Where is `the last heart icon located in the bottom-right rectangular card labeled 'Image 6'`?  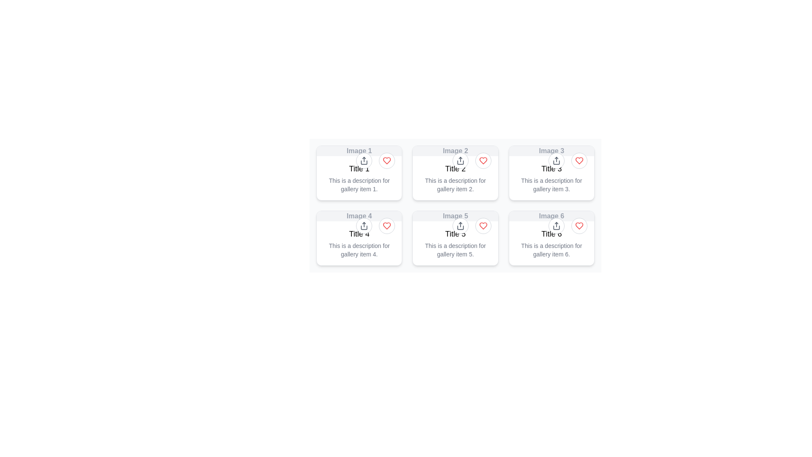
the last heart icon located in the bottom-right rectangular card labeled 'Image 6' is located at coordinates (579, 225).